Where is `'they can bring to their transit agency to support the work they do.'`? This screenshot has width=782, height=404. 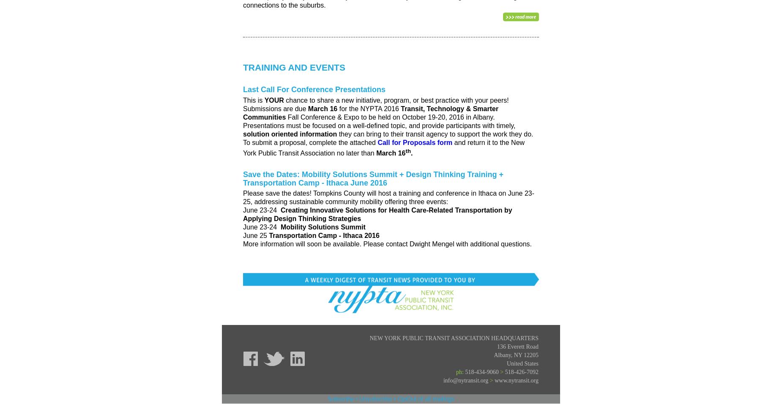
'they can bring to their transit agency to support the work they do.' is located at coordinates (435, 133).